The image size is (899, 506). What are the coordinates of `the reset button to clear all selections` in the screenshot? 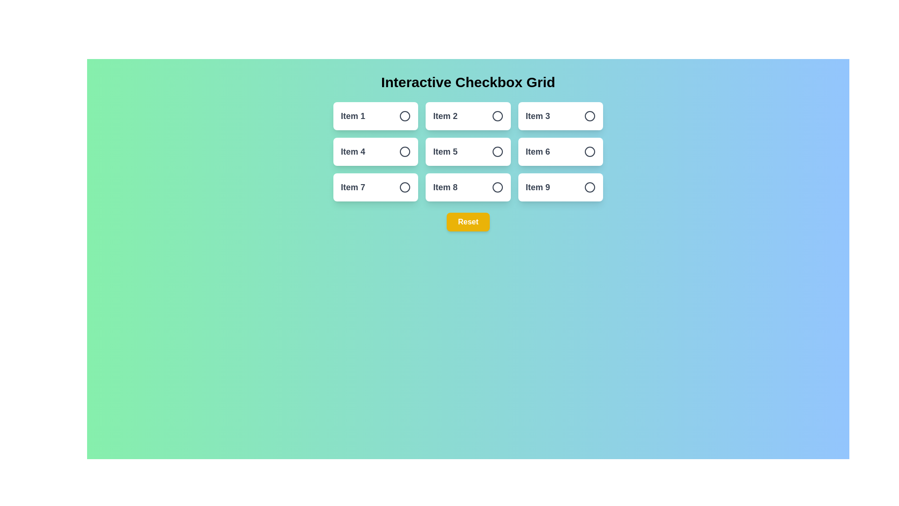 It's located at (468, 222).